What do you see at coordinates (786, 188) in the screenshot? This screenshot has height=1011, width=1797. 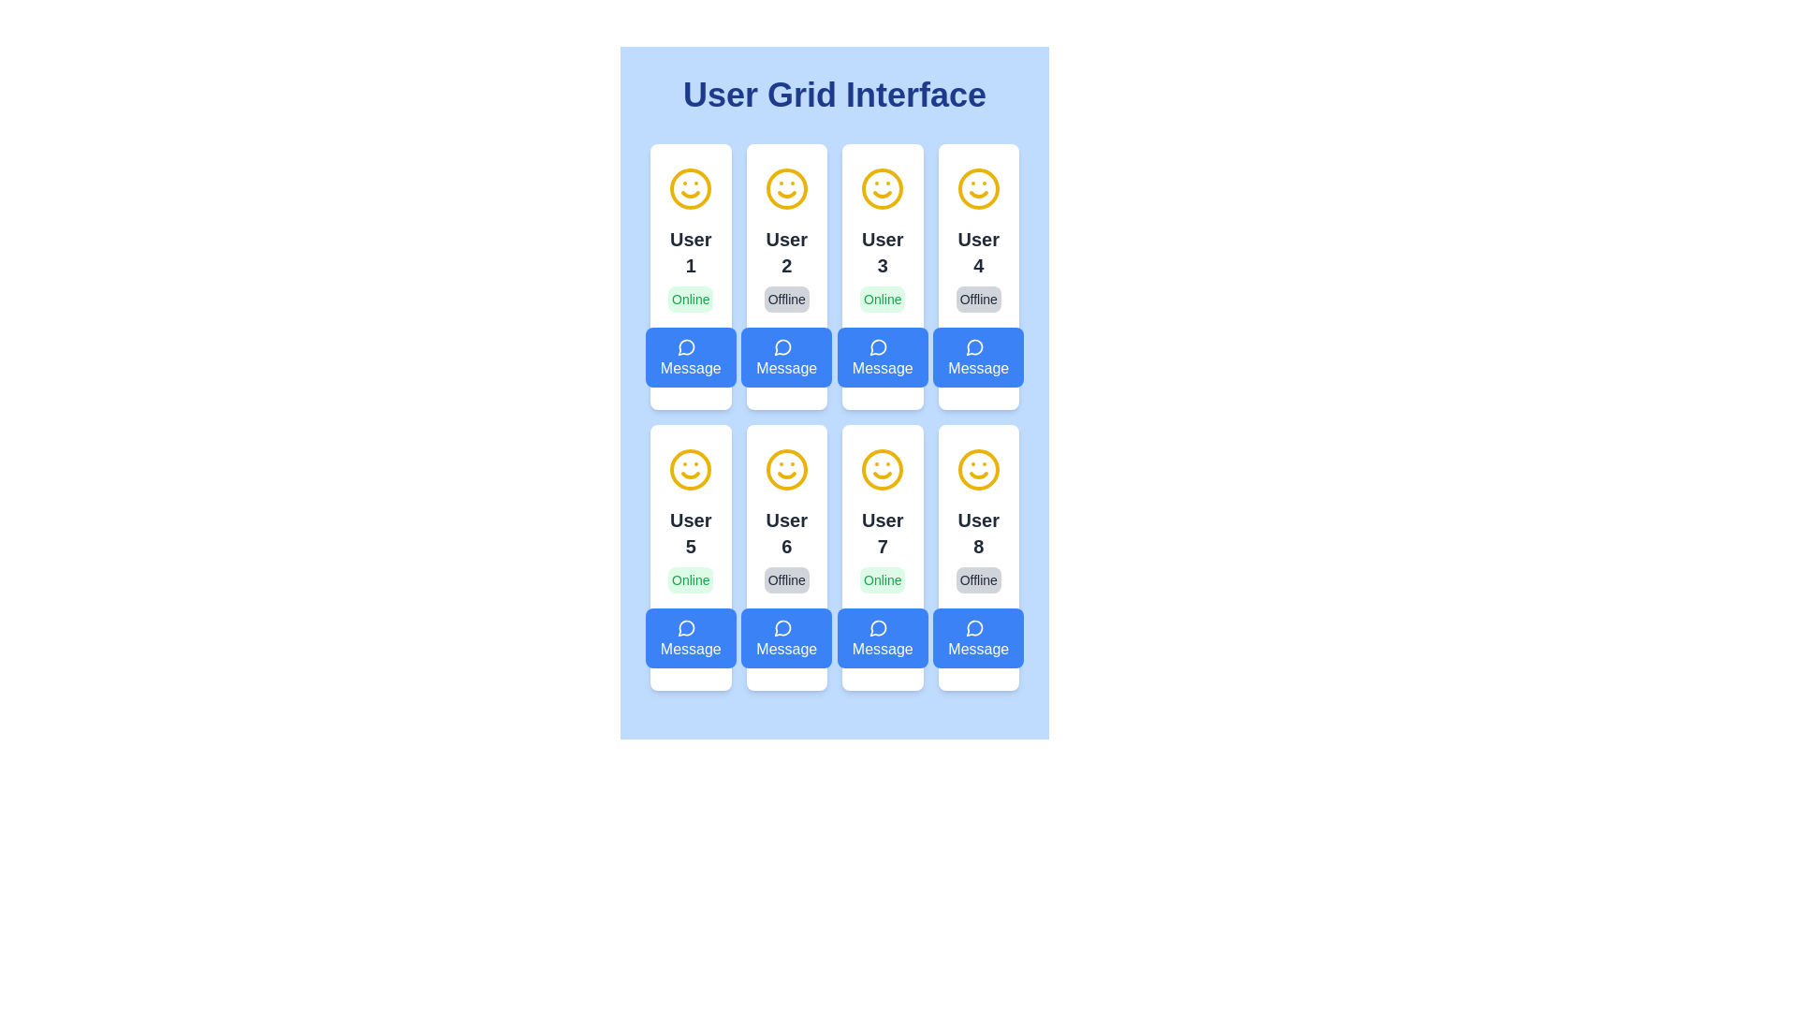 I see `the decorative icon representing 'User 2' status, located at the top-center of the card structure, above the text 'User 2' and 'Offline'` at bounding box center [786, 188].